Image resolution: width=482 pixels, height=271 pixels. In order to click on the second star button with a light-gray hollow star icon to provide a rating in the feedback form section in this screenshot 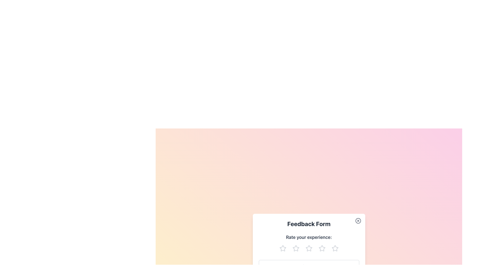, I will do `click(296, 248)`.